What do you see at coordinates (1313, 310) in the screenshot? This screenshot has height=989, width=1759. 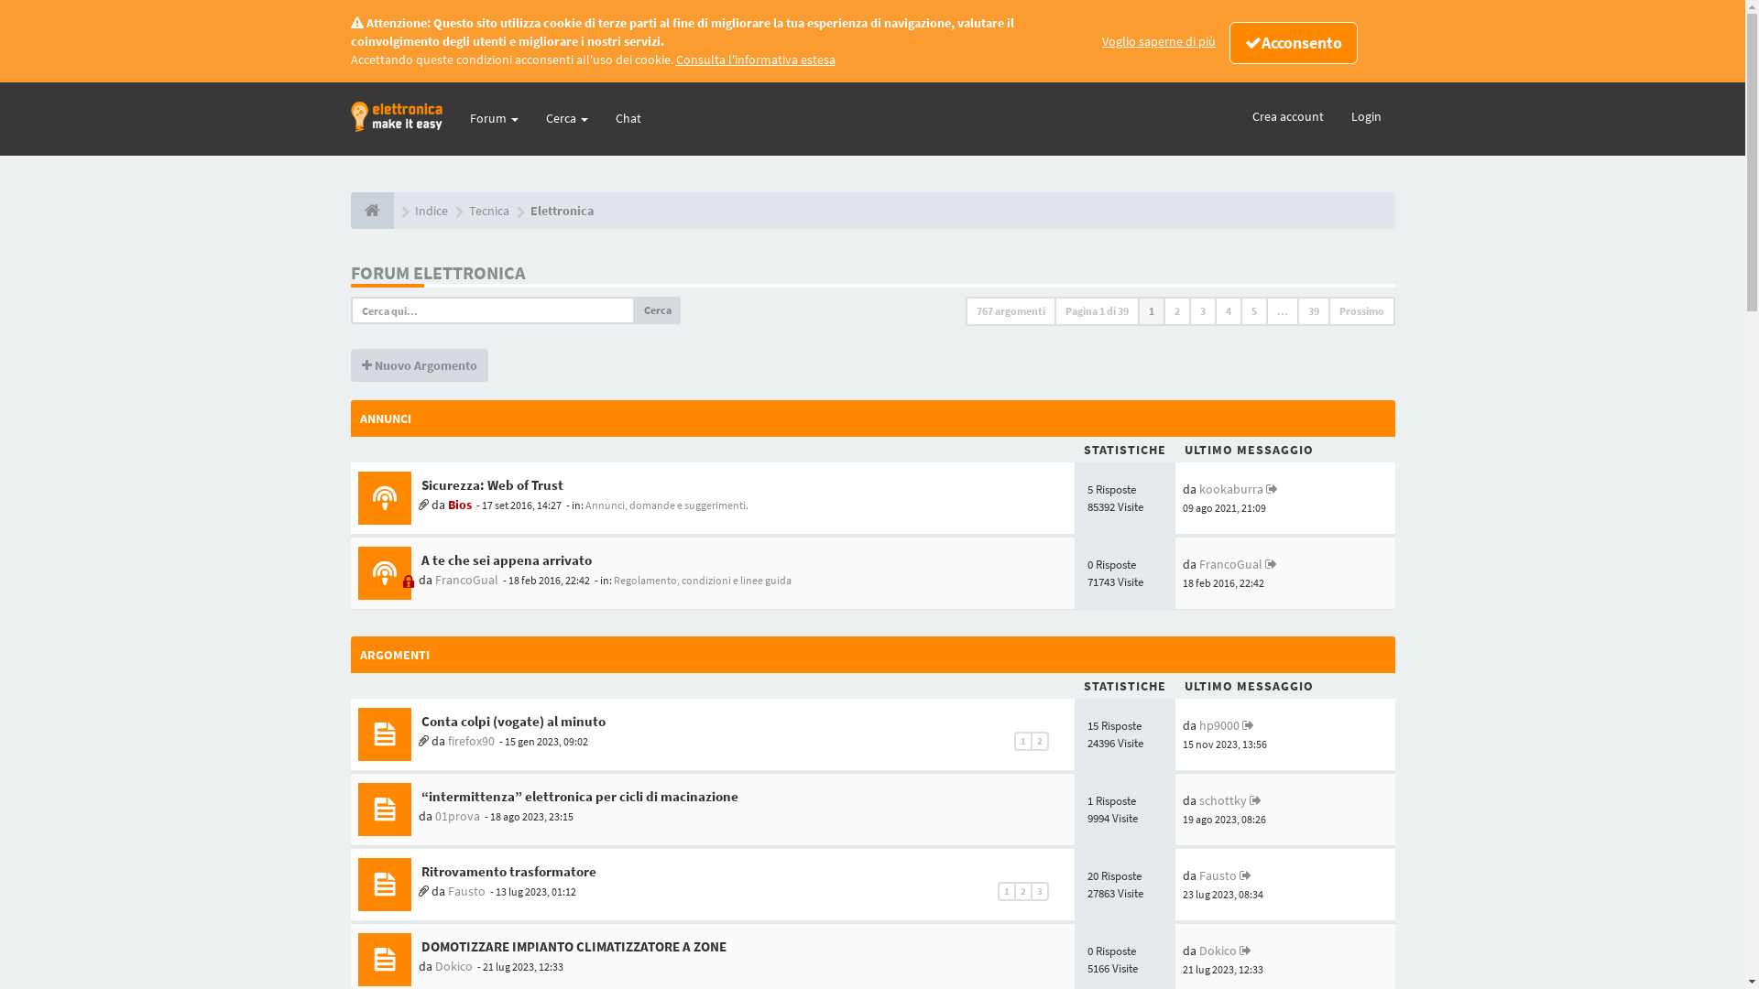 I see `'39'` at bounding box center [1313, 310].